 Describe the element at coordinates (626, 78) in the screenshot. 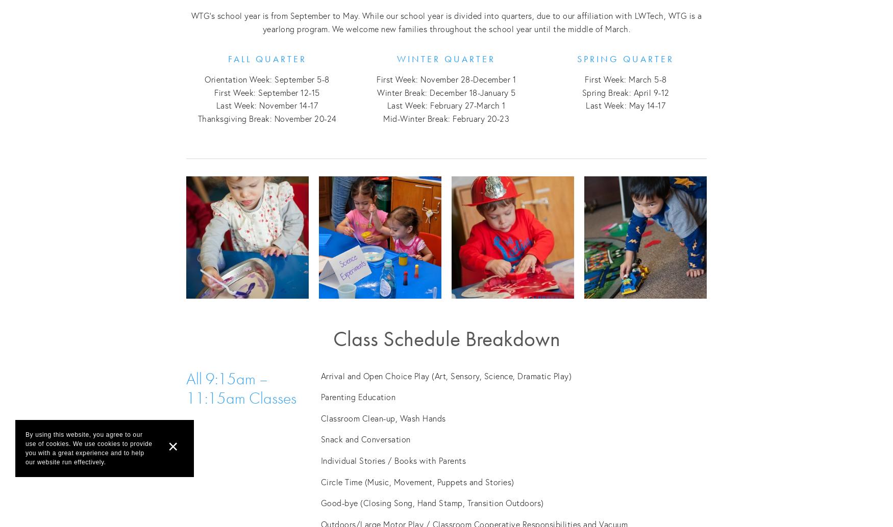

I see `'First Week: March 5-8'` at that location.